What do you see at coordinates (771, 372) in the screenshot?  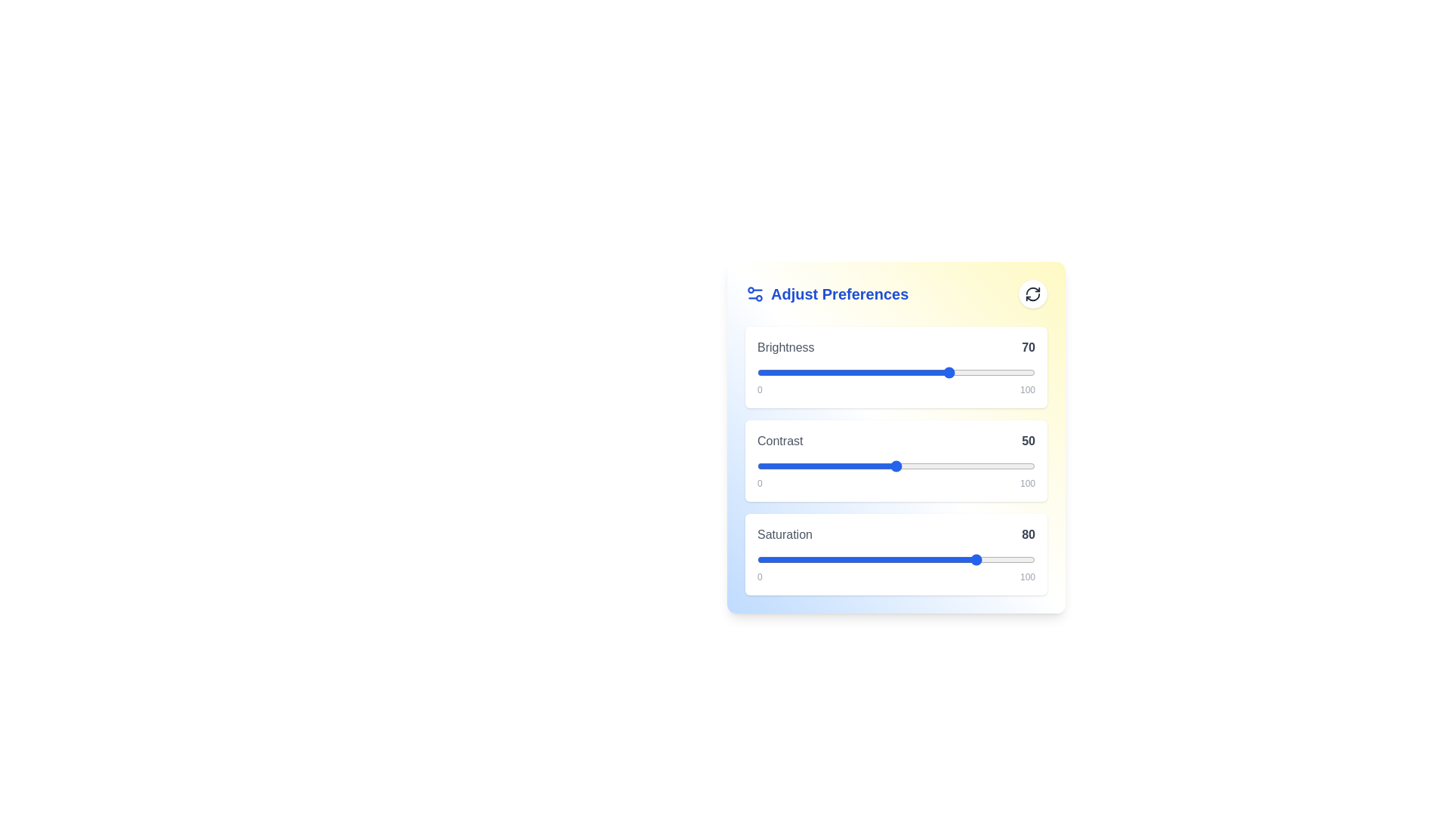 I see `the brightness level` at bounding box center [771, 372].